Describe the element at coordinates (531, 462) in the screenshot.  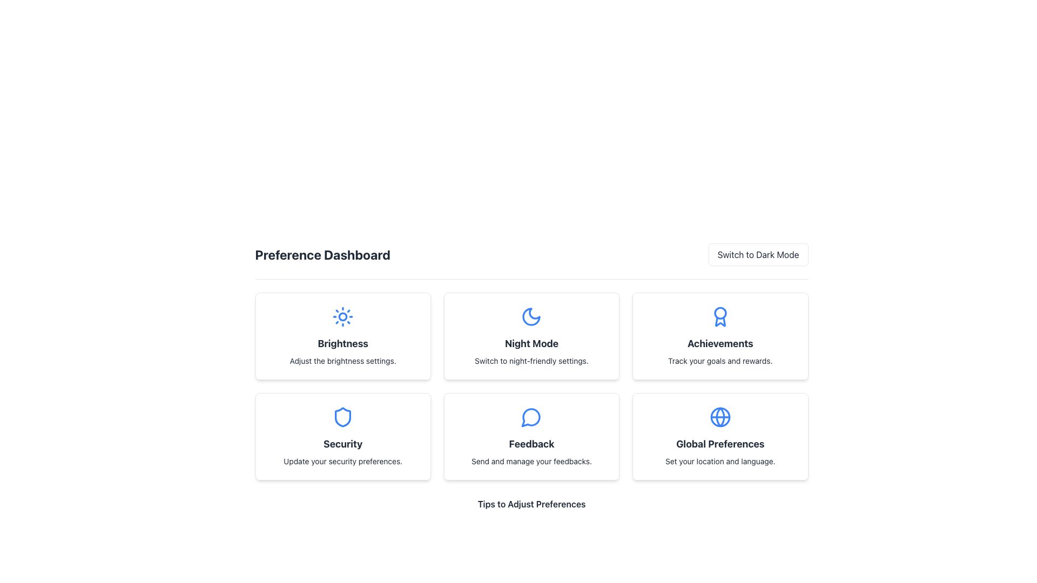
I see `description text label located below the 'Feedback' title in the second row of the grid layout within the 'Feedback' card` at that location.